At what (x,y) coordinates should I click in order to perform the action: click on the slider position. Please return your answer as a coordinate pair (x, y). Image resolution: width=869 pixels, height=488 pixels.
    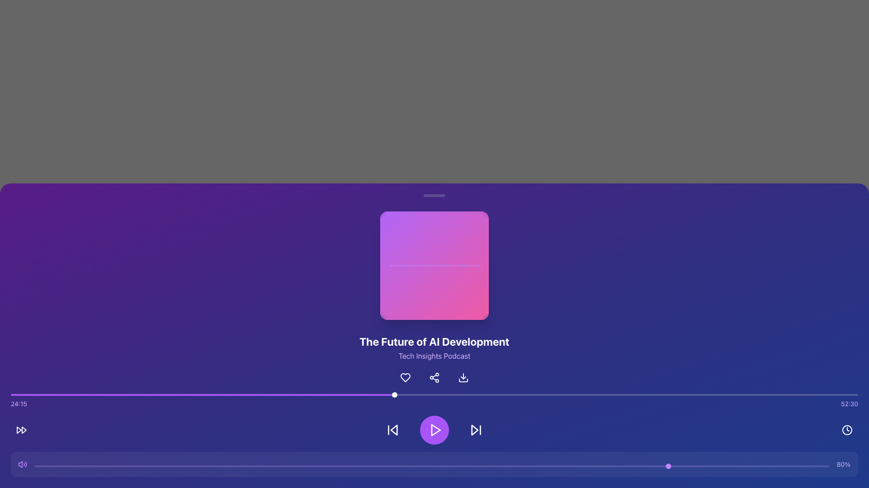
    Looking at the image, I should click on (129, 466).